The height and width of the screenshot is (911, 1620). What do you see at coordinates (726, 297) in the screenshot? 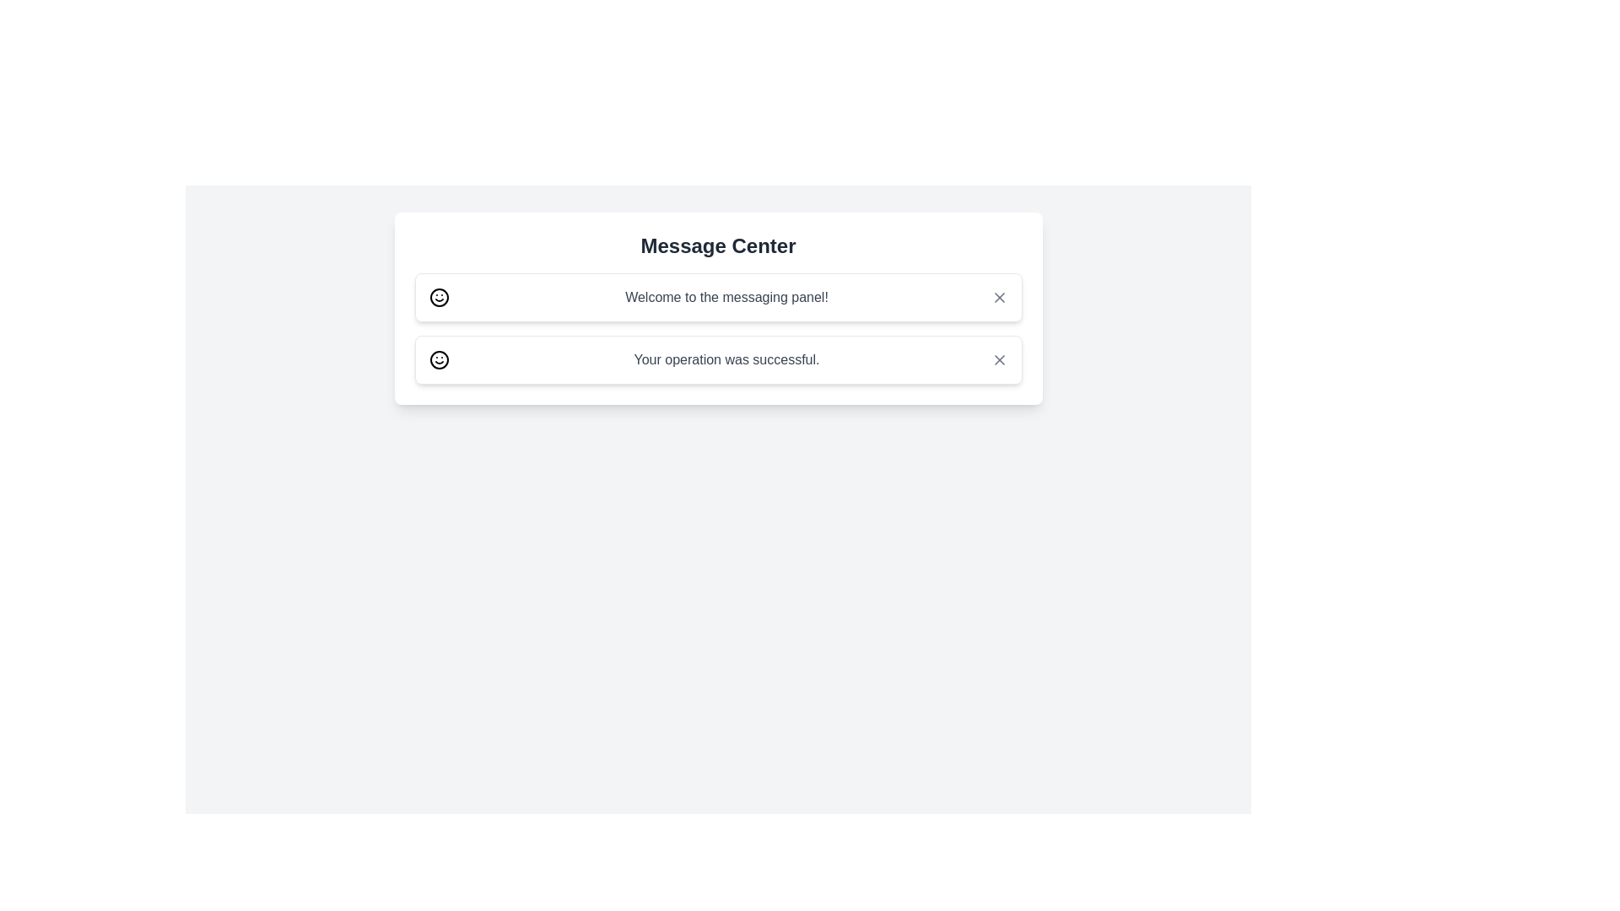
I see `the welcoming message in the first notification panel of the 'Message Center' interface, which provides contextual information related to the messaging panel` at bounding box center [726, 297].